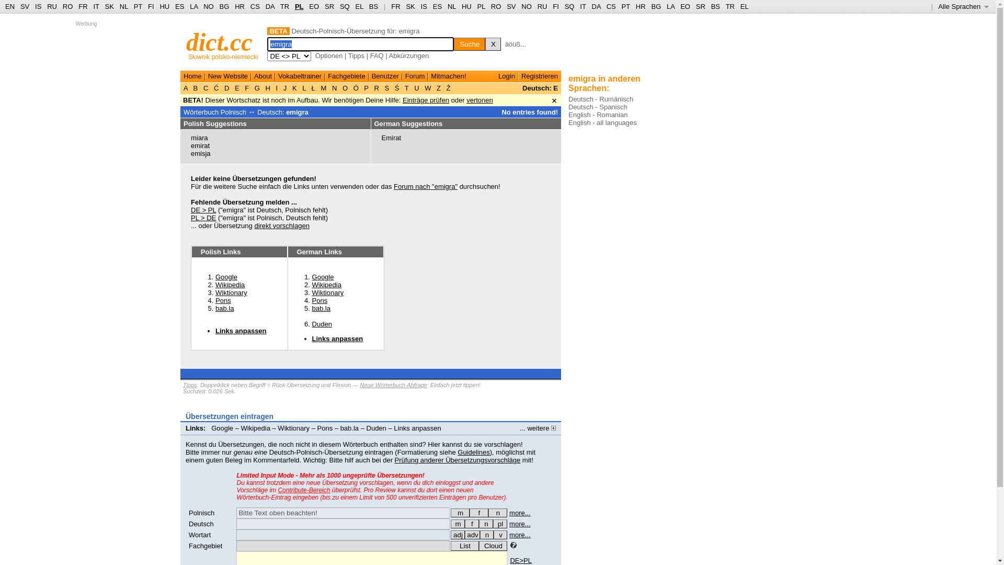 This screenshot has height=565, width=1004. Describe the element at coordinates (303, 87) in the screenshot. I see `'L'` at that location.